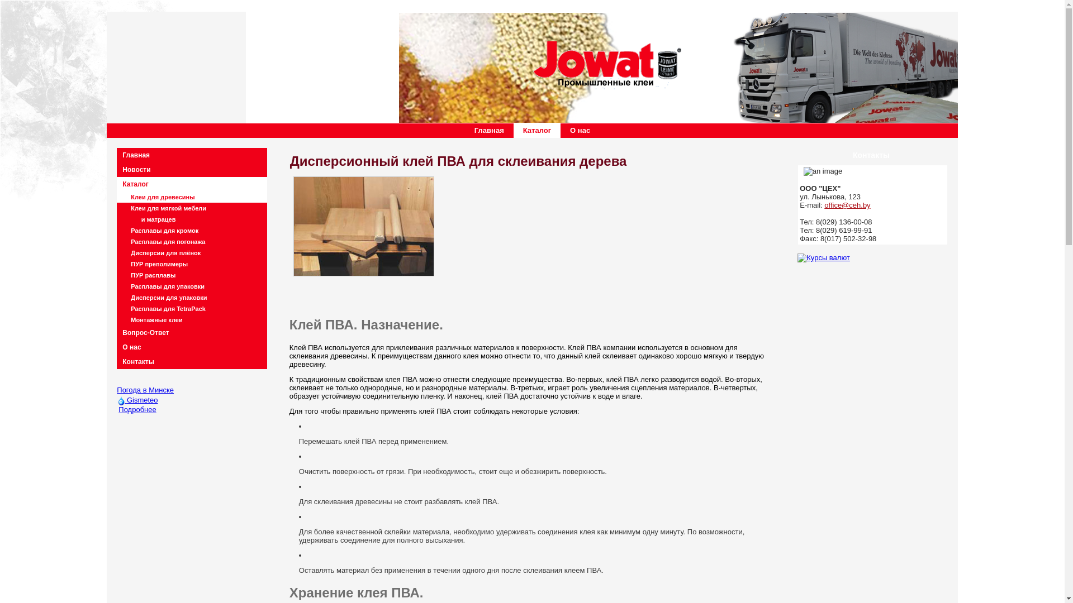 The width and height of the screenshot is (1073, 603). Describe the element at coordinates (847, 205) in the screenshot. I see `'office@ceh.by'` at that location.